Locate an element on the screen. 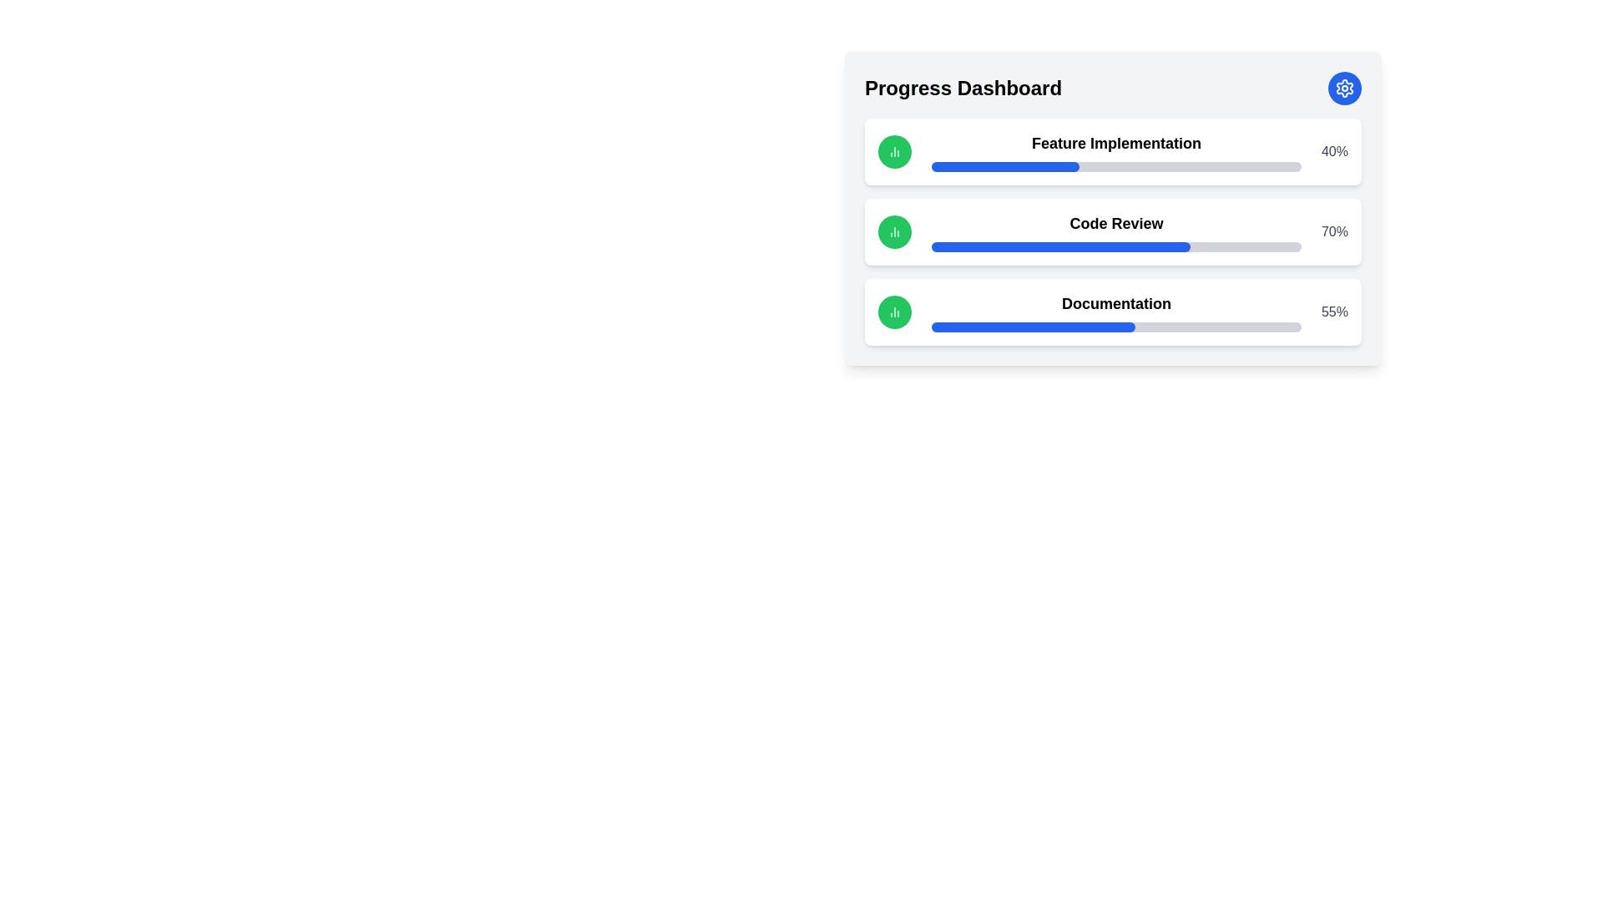  the text label indicating 'Feature Implementation' located in the highlighted section of the Progress Dashboard is located at coordinates (1116, 151).